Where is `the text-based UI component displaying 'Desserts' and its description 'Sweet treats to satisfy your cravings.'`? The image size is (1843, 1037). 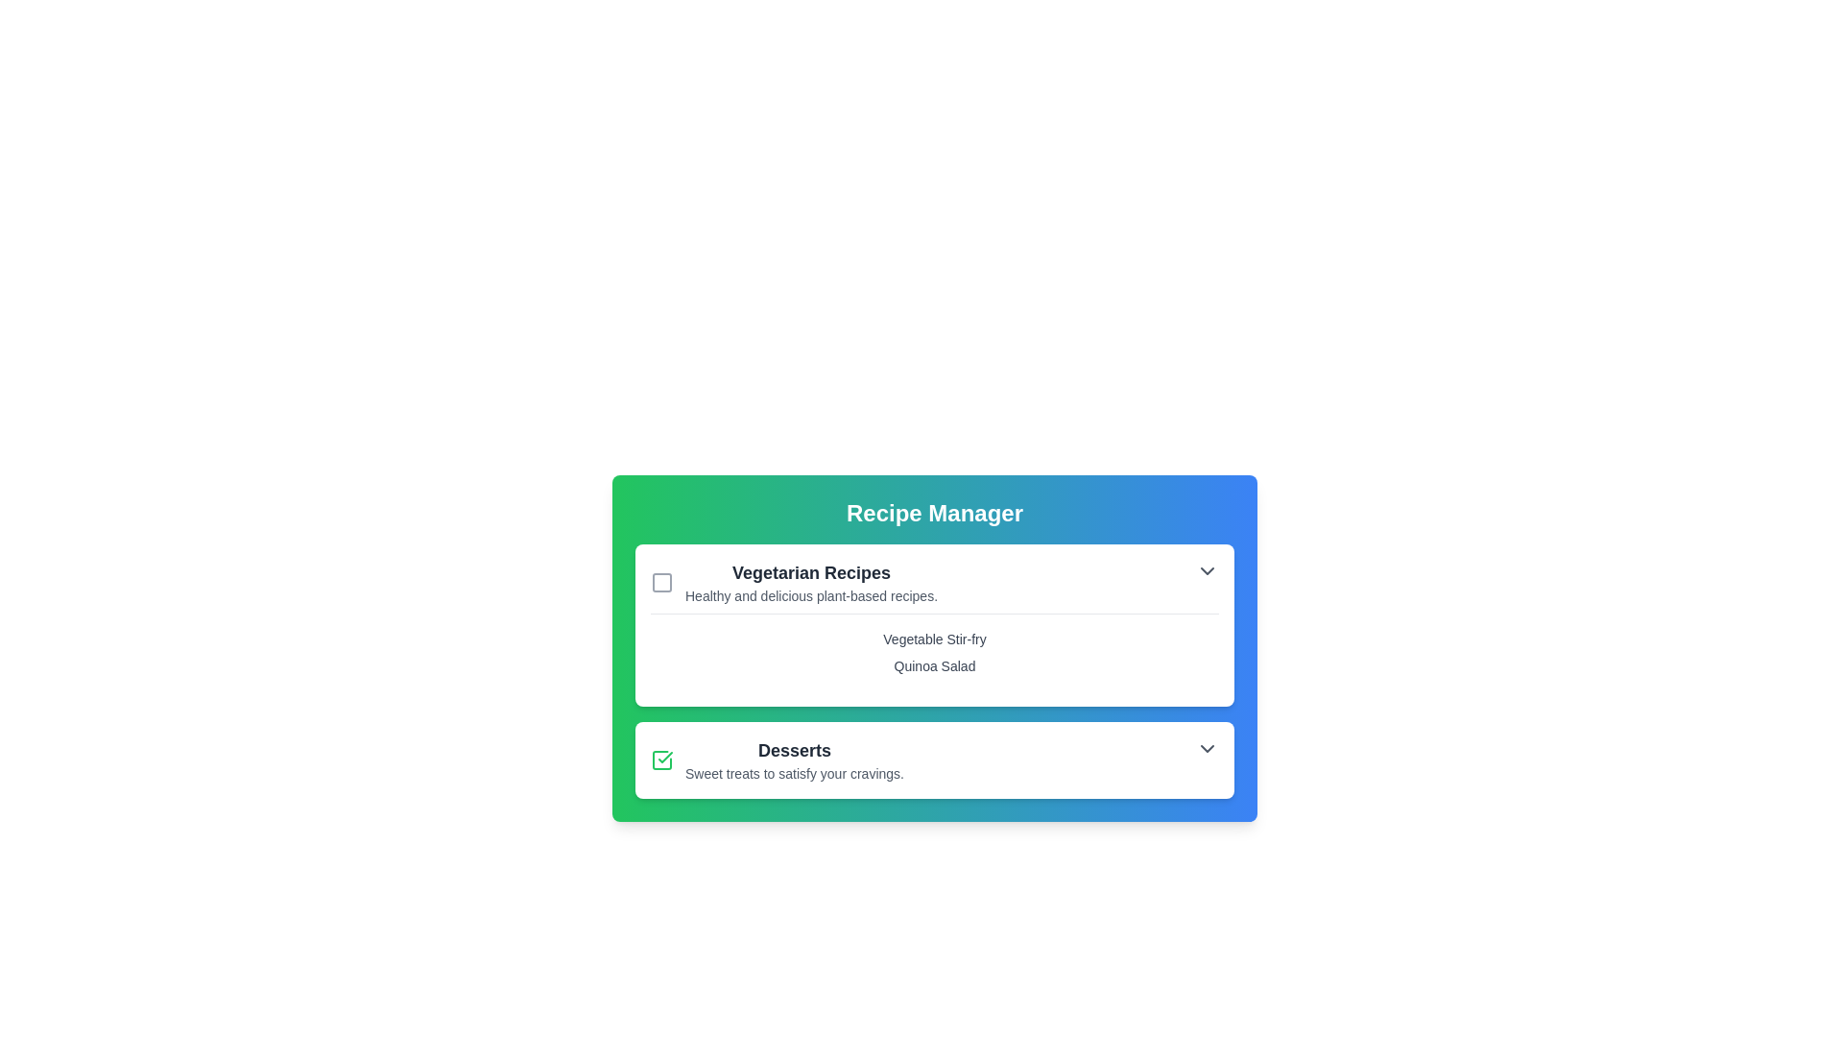
the text-based UI component displaying 'Desserts' and its description 'Sweet treats to satisfy your cravings.' is located at coordinates (794, 759).